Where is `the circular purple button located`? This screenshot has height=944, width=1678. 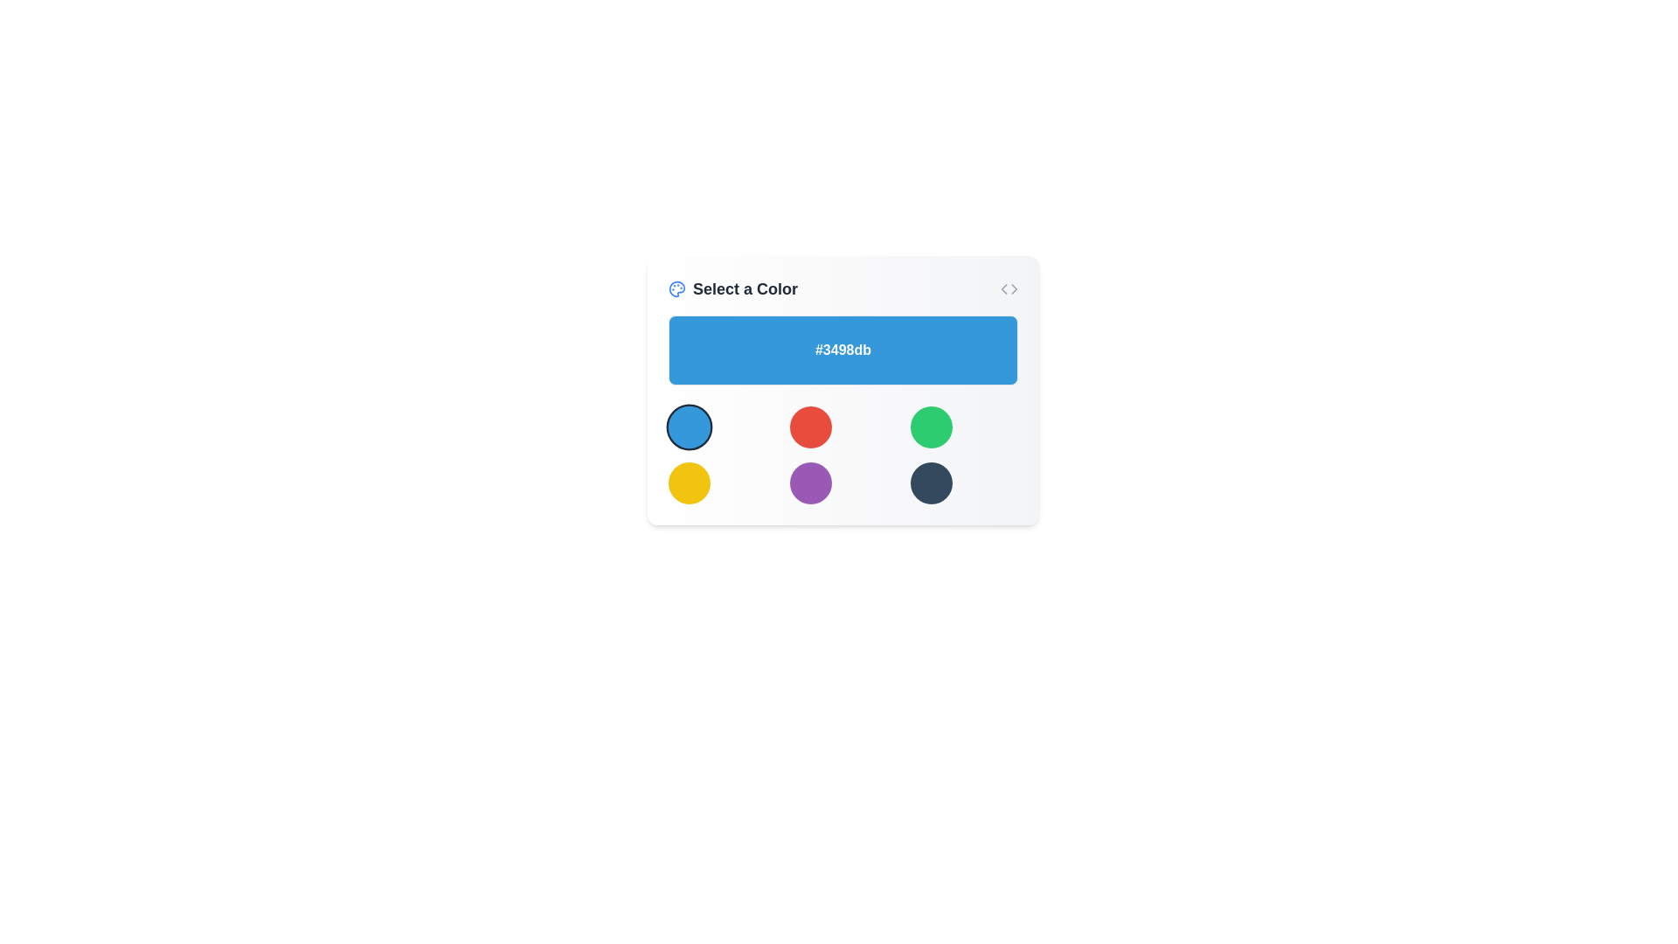 the circular purple button located is located at coordinates (809, 482).